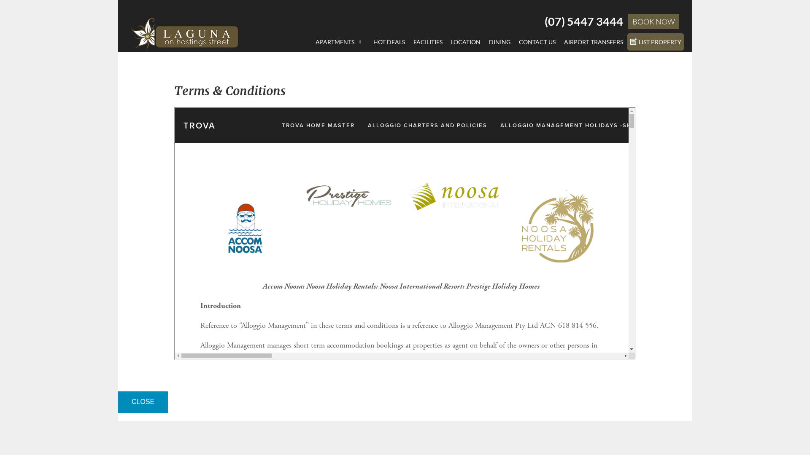 Image resolution: width=810 pixels, height=455 pixels. Describe the element at coordinates (653, 21) in the screenshot. I see `'BOOK NOW'` at that location.